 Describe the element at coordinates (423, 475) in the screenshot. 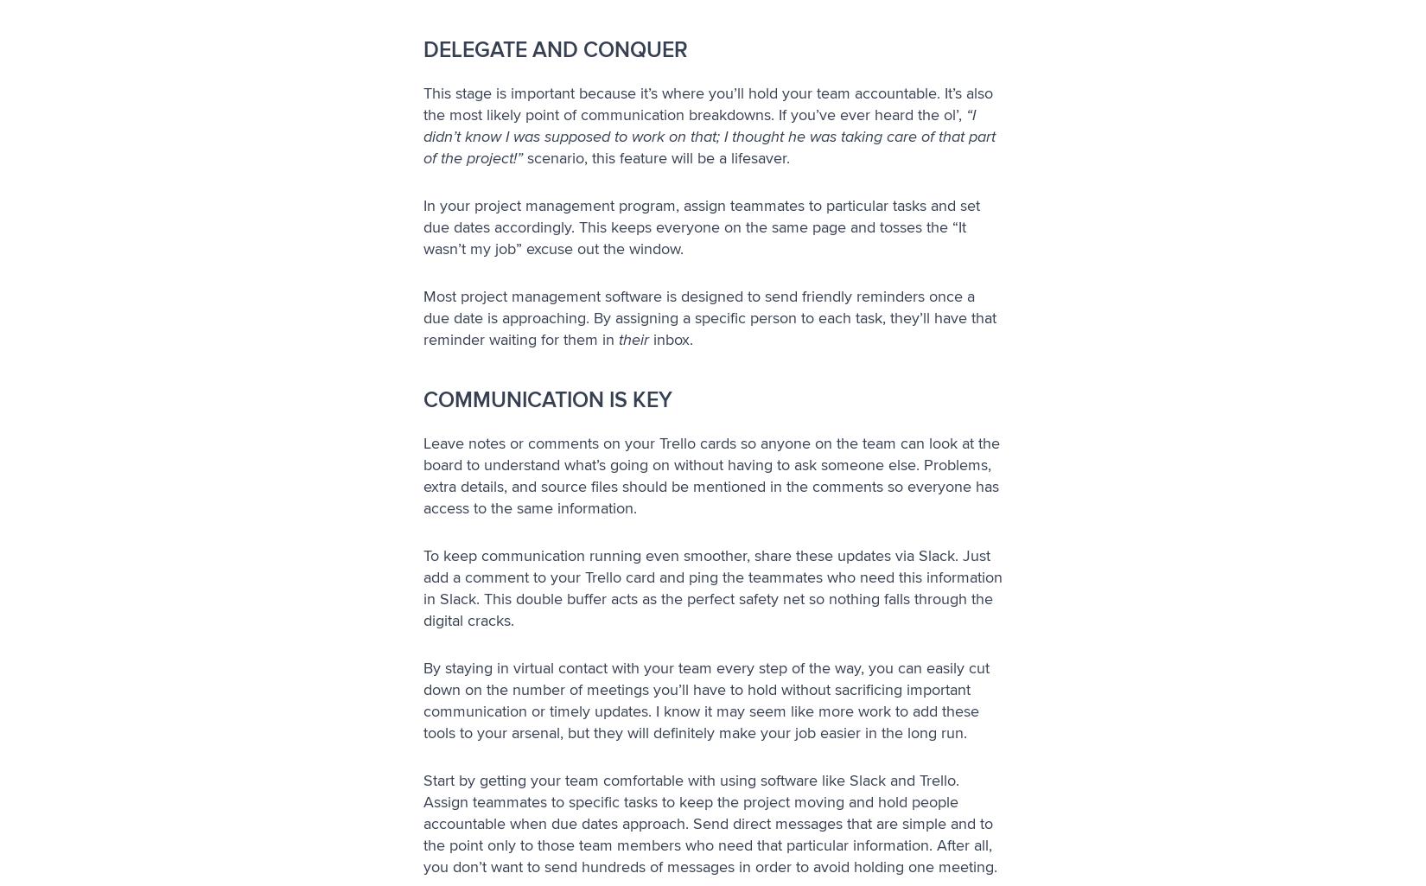

I see `'Leave notes or comments on your Trello cards so anyone on the team can look at the board to understand what’s going on without having to ask someone else. Problems, extra details, and source files should be mentioned in the comments so everyone has access to the same information.'` at that location.